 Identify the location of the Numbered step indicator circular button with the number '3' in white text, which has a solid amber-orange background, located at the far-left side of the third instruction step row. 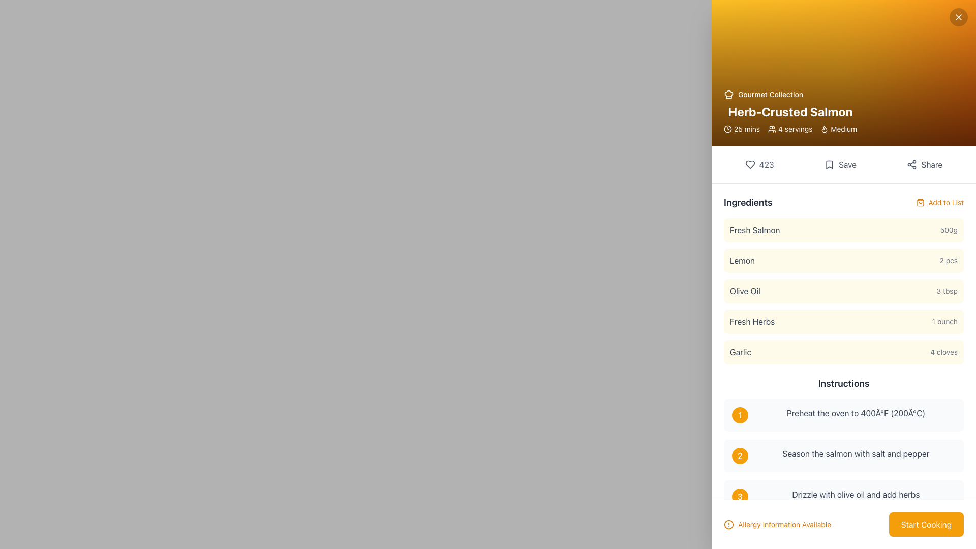
(740, 496).